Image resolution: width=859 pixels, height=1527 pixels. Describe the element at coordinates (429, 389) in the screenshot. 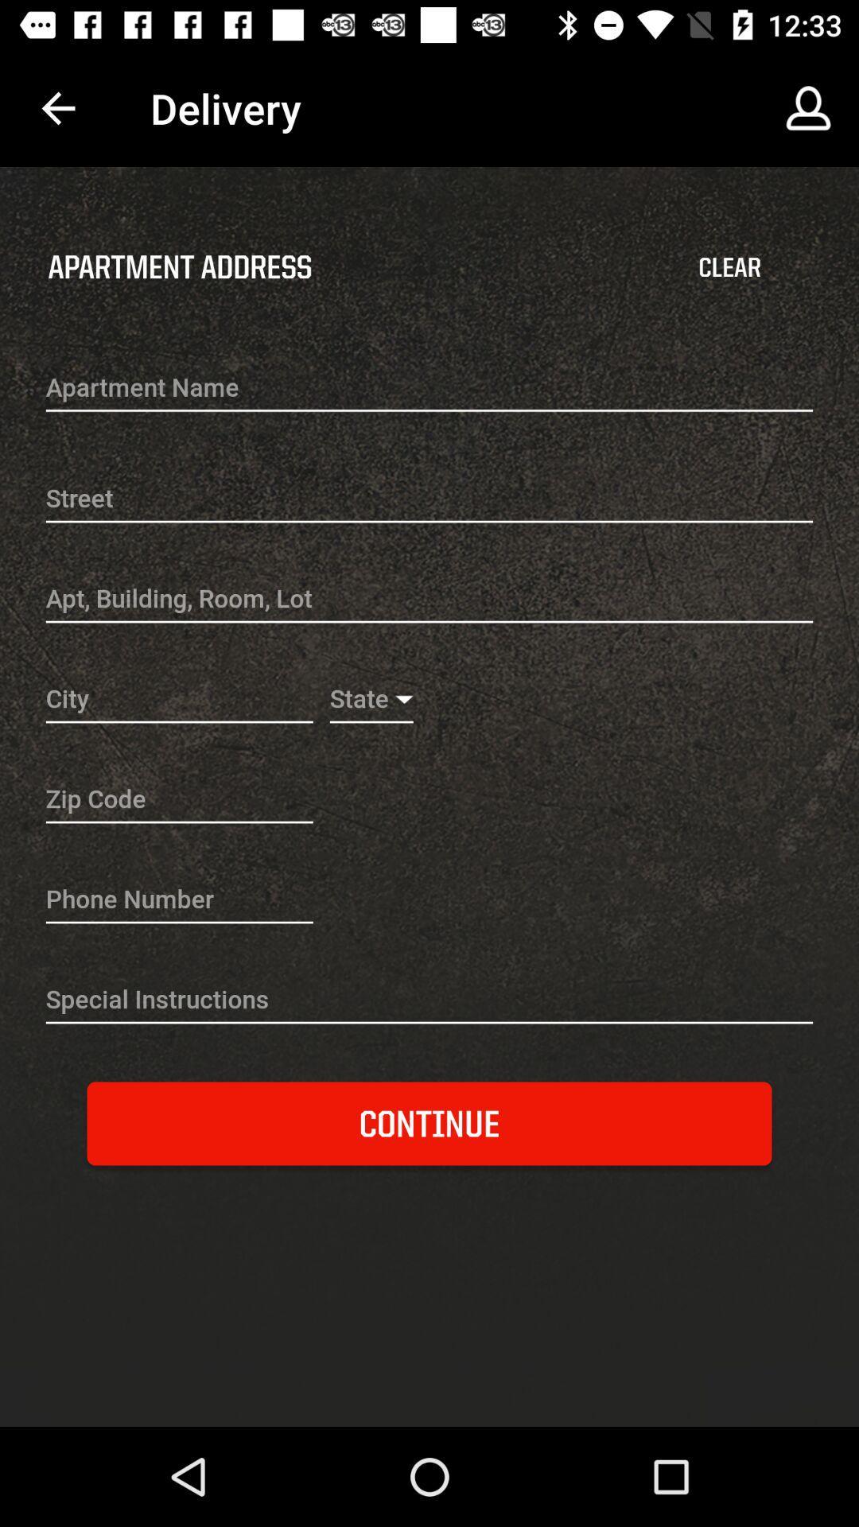

I see `the item below the clear icon` at that location.